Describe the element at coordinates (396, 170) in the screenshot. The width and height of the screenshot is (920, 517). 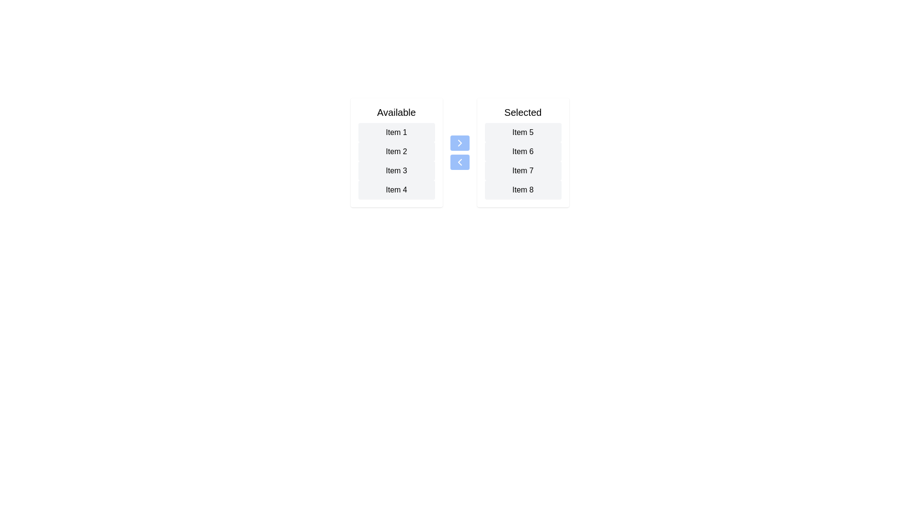
I see `the third item in the selectable list under the label 'Available'` at that location.